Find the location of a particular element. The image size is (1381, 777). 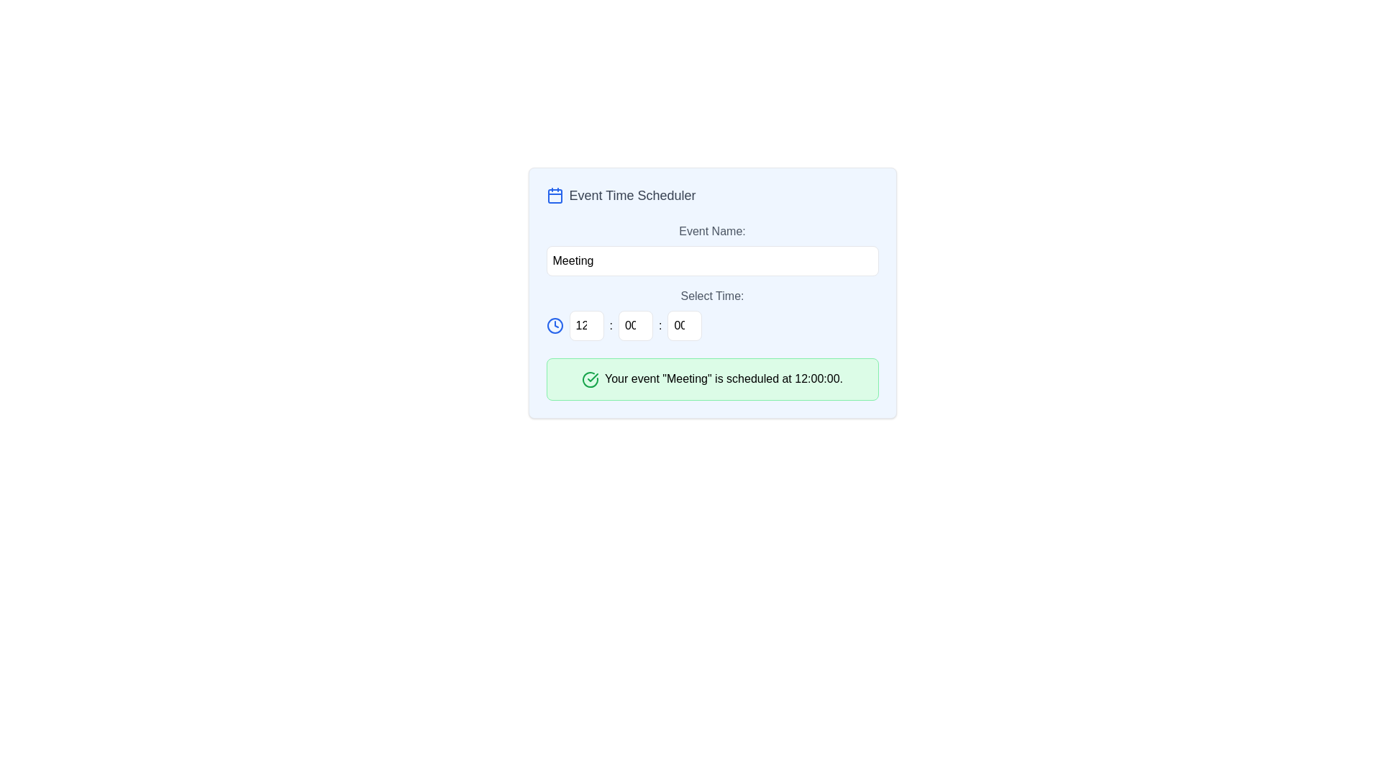

the static text element that serves as a heading for scheduling events and times, positioned to the right of a blue calendar icon is located at coordinates (632, 196).